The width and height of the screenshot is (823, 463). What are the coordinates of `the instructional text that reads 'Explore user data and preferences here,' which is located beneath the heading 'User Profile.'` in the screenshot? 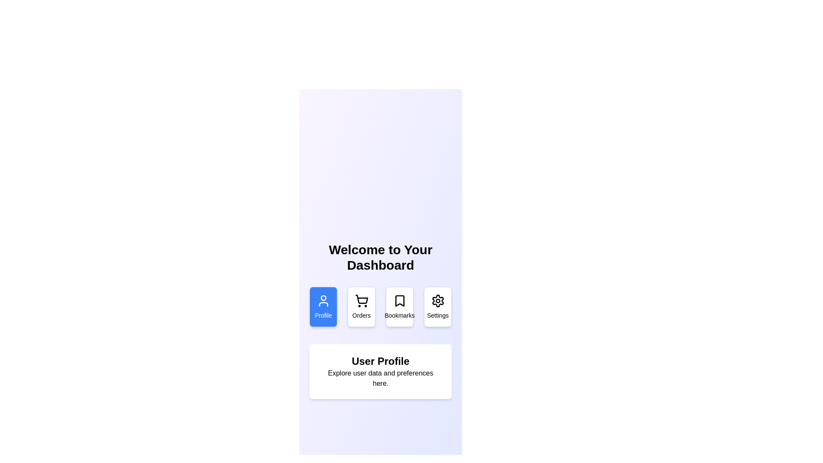 It's located at (380, 378).